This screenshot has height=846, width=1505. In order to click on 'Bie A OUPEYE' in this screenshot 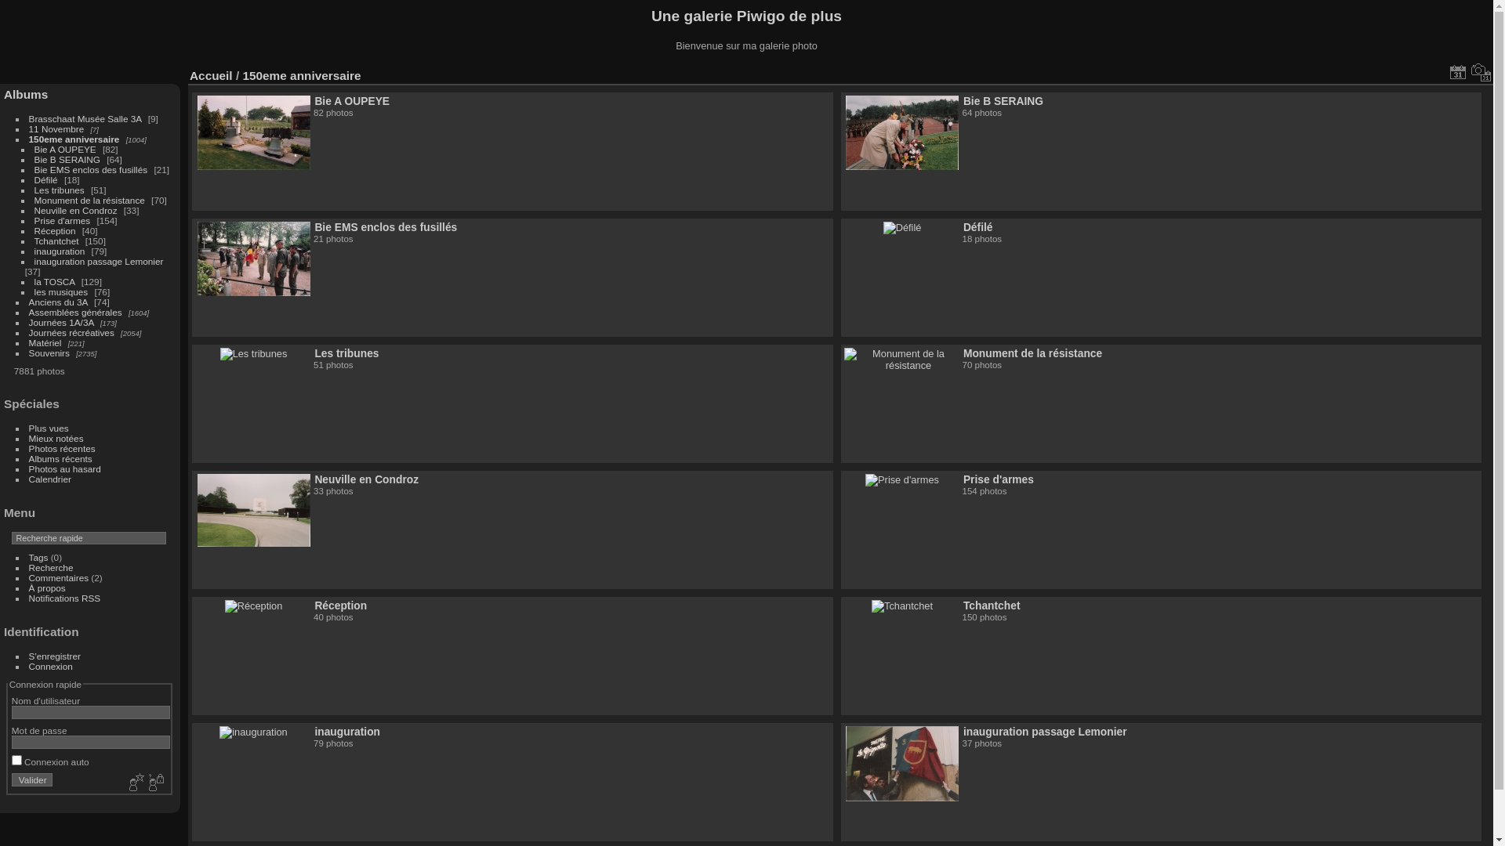, I will do `click(314, 100)`.